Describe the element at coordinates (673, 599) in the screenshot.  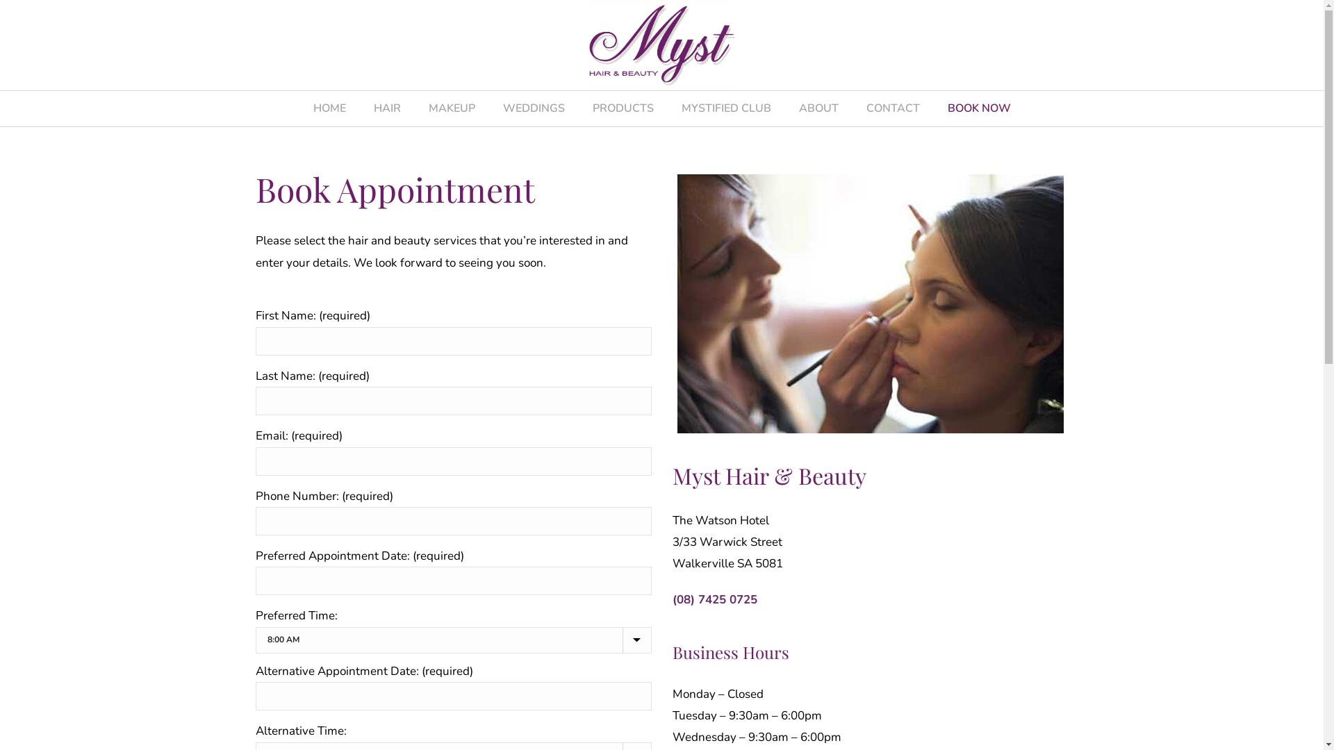
I see `'(08) 7425 0725'` at that location.